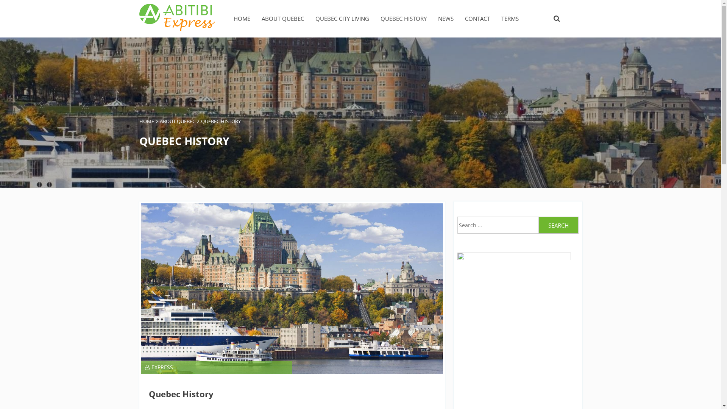 This screenshot has height=409, width=727. What do you see at coordinates (477, 18) in the screenshot?
I see `'CONTACT'` at bounding box center [477, 18].